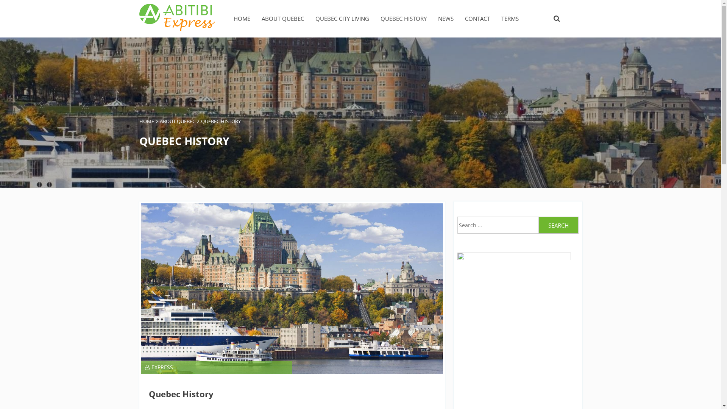 This screenshot has height=409, width=727. What do you see at coordinates (477, 18) in the screenshot?
I see `'CONTACT'` at bounding box center [477, 18].